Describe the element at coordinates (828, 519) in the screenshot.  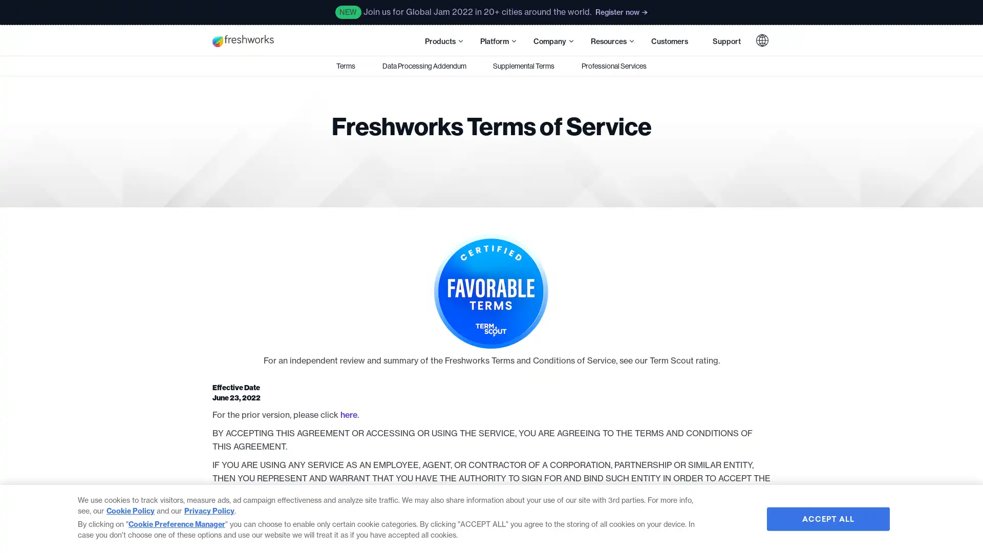
I see `ACCEPT ALL` at that location.